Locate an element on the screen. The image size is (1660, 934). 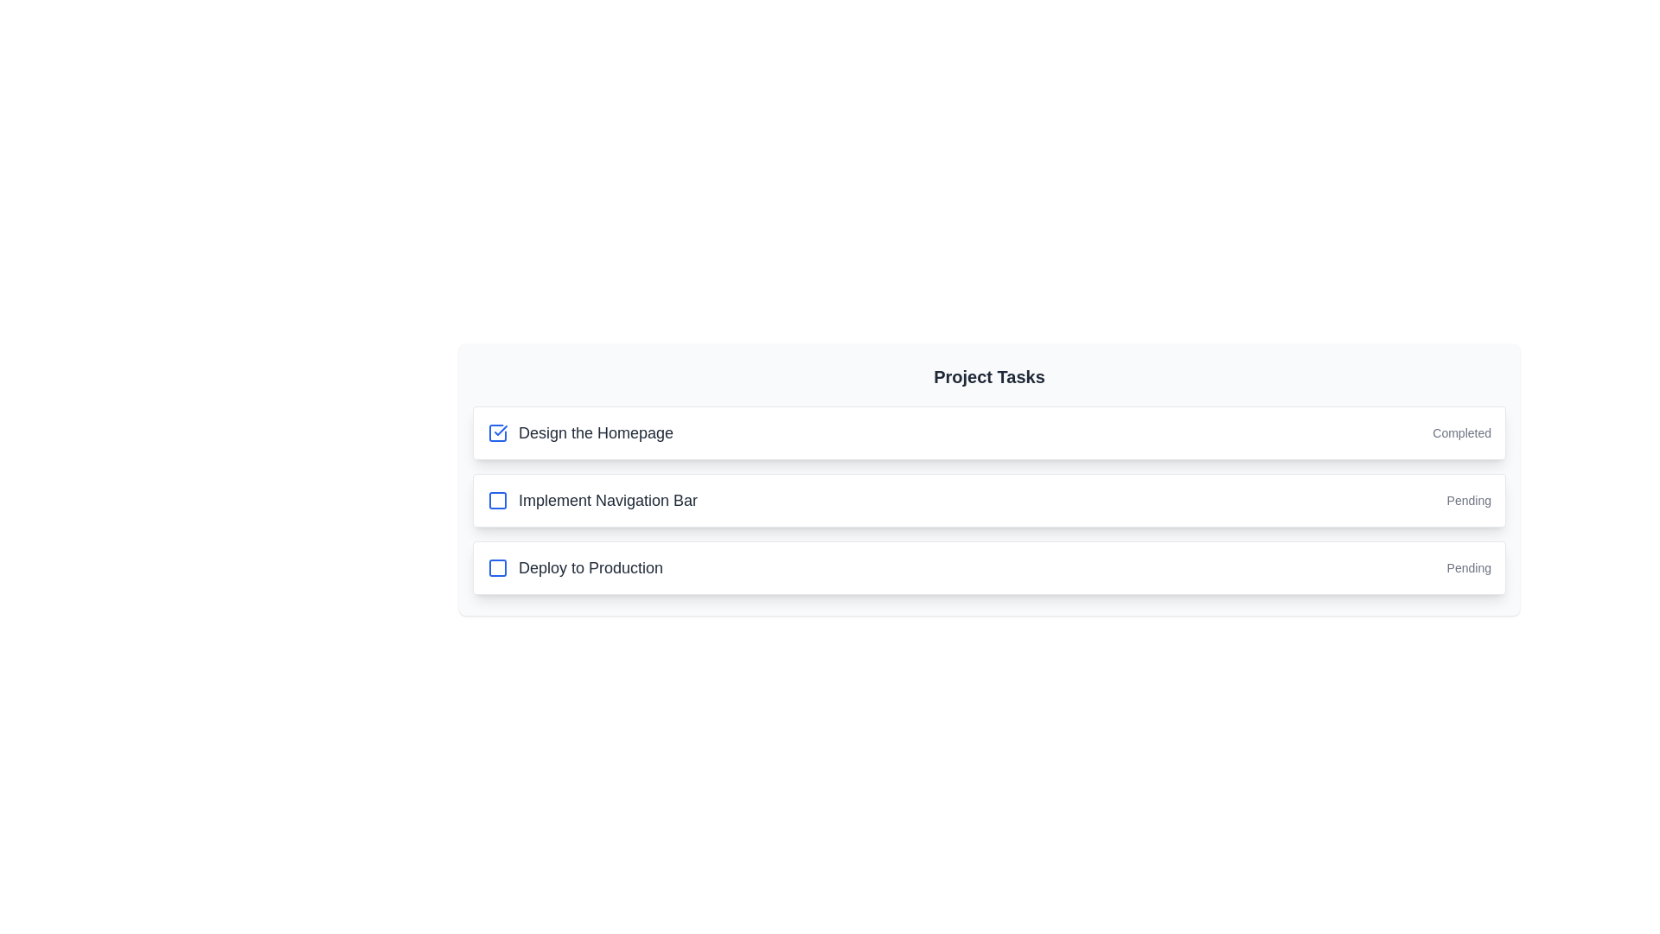
the blue square checkbox with a checkmark that is positioned before the text 'Design the Homepage' is located at coordinates (497, 432).